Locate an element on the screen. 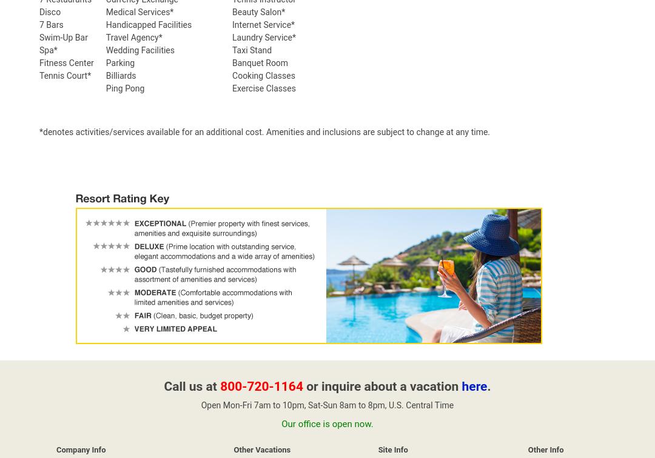 Image resolution: width=655 pixels, height=458 pixels. '*denotes activities/services available for an additional cost. Amenities and inclusions are subject to change at any time.' is located at coordinates (264, 132).